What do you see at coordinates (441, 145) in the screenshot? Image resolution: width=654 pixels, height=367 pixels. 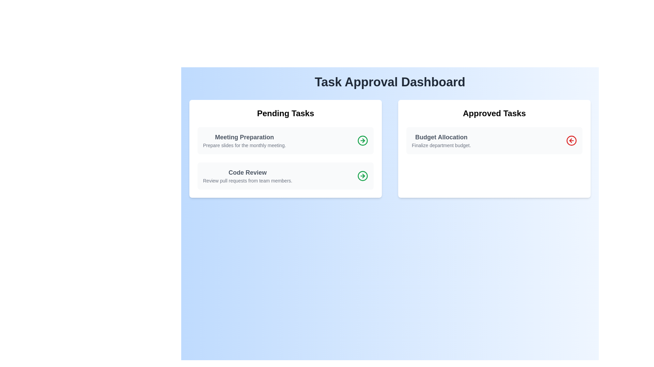 I see `the static text element providing additional information under the 'Budget Allocation' heading in the 'Approved Tasks' section` at bounding box center [441, 145].